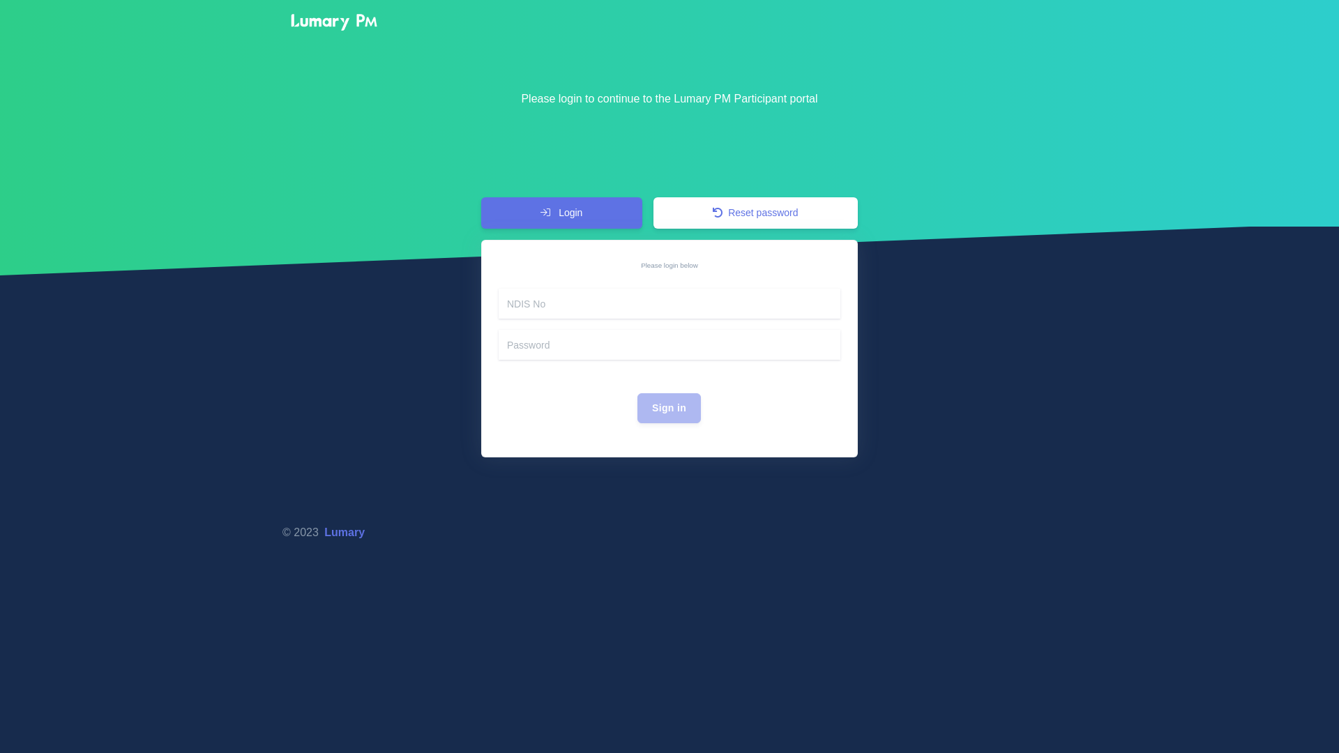  What do you see at coordinates (345, 532) in the screenshot?
I see `'Lumary'` at bounding box center [345, 532].